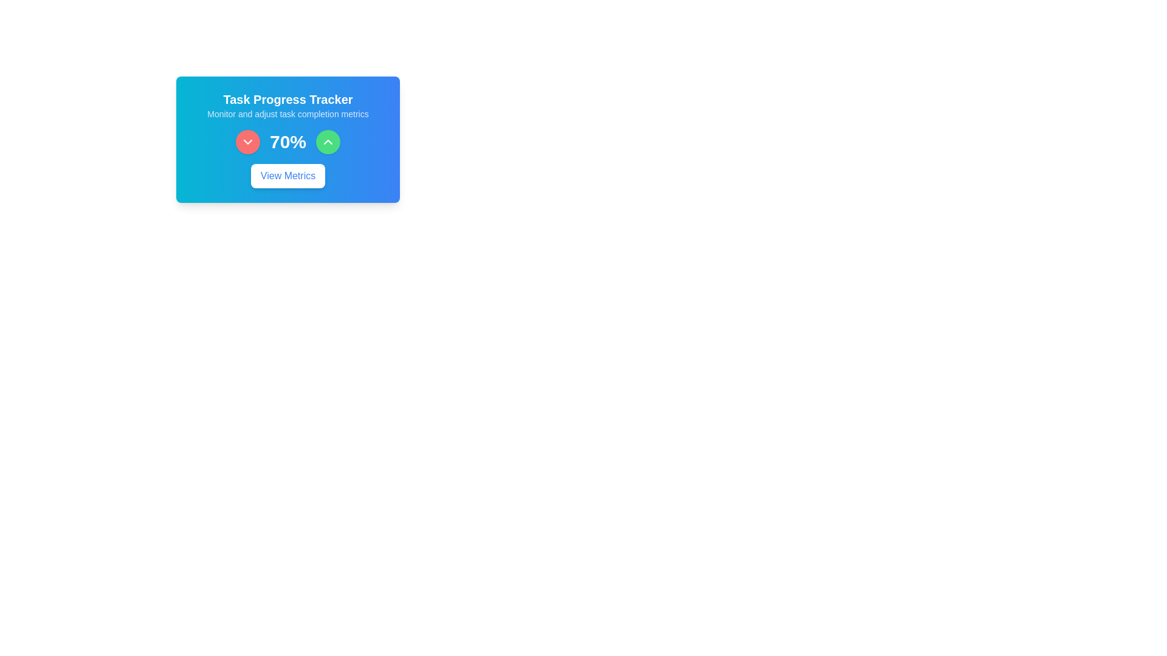 Image resolution: width=1167 pixels, height=656 pixels. Describe the element at coordinates (287, 142) in the screenshot. I see `the text label displaying '70%' which is centrally positioned between two interactive buttons in the 'Task Progress Tracker' interface` at that location.